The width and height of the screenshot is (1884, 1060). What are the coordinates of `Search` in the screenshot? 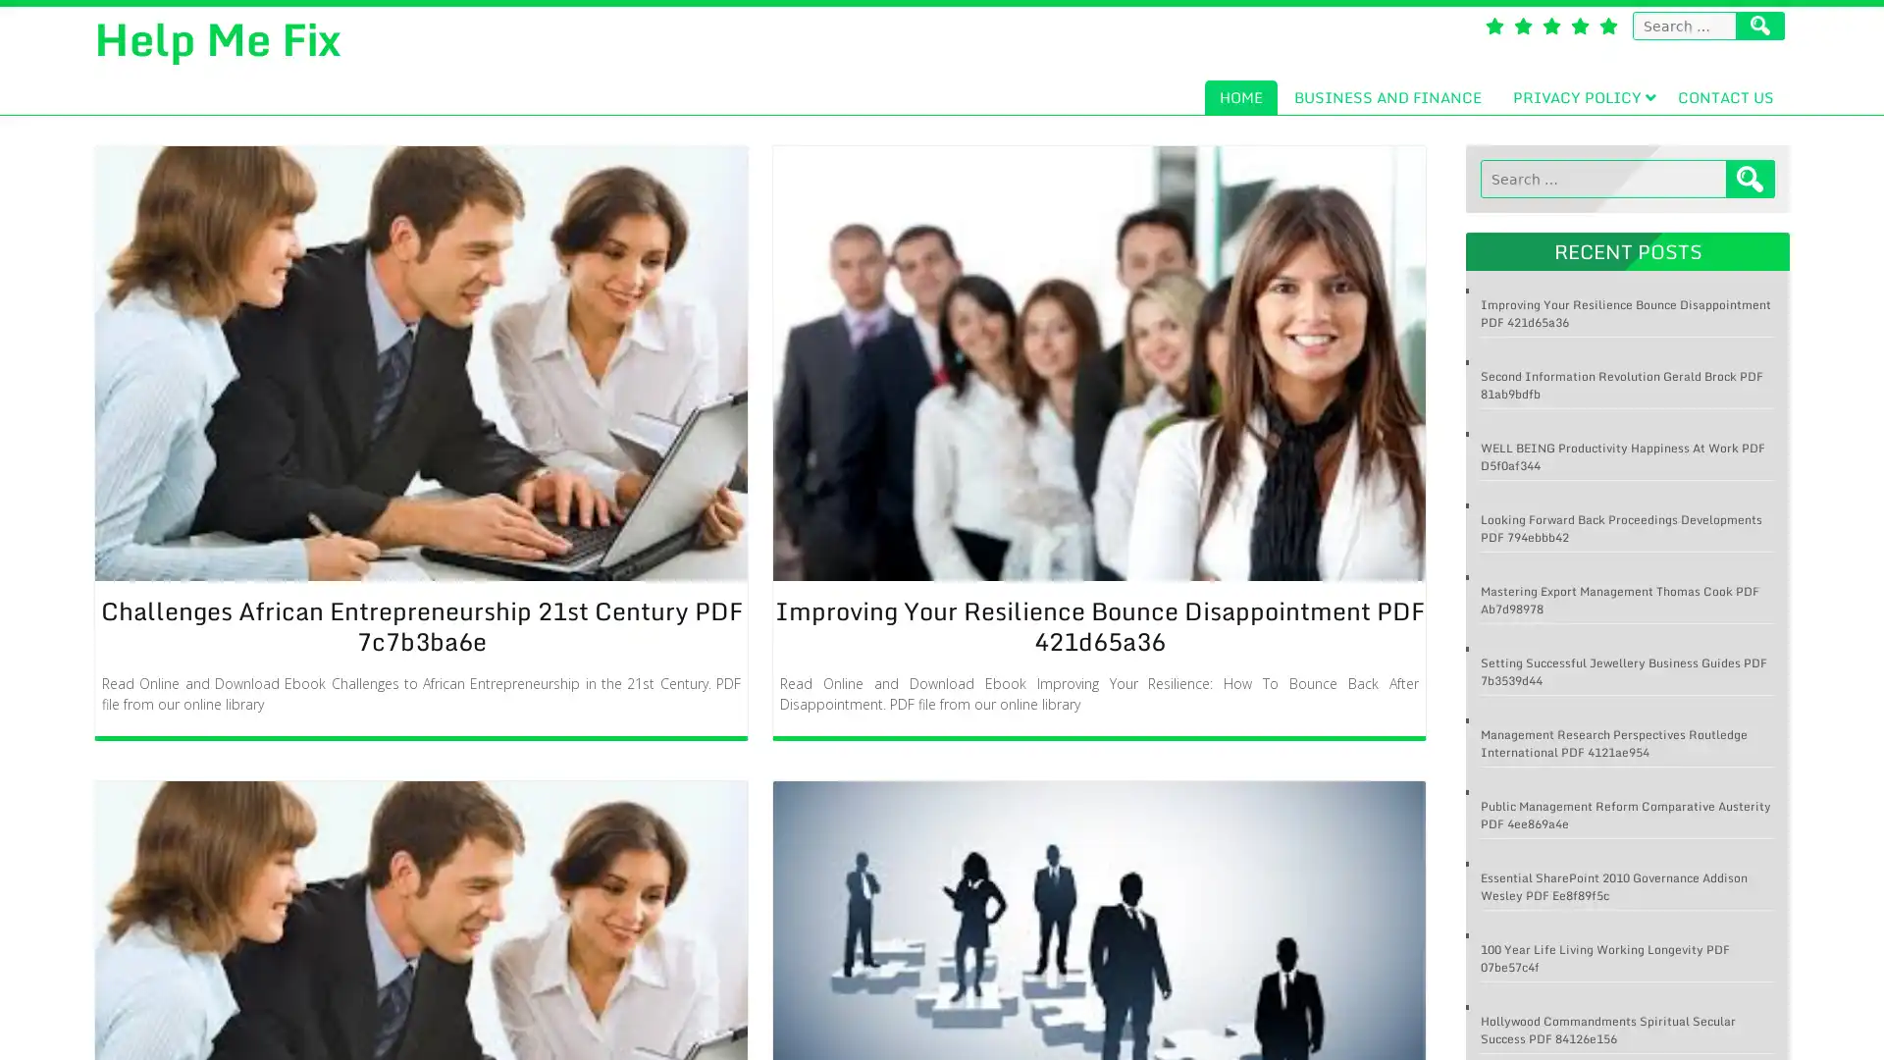 It's located at (1760, 26).